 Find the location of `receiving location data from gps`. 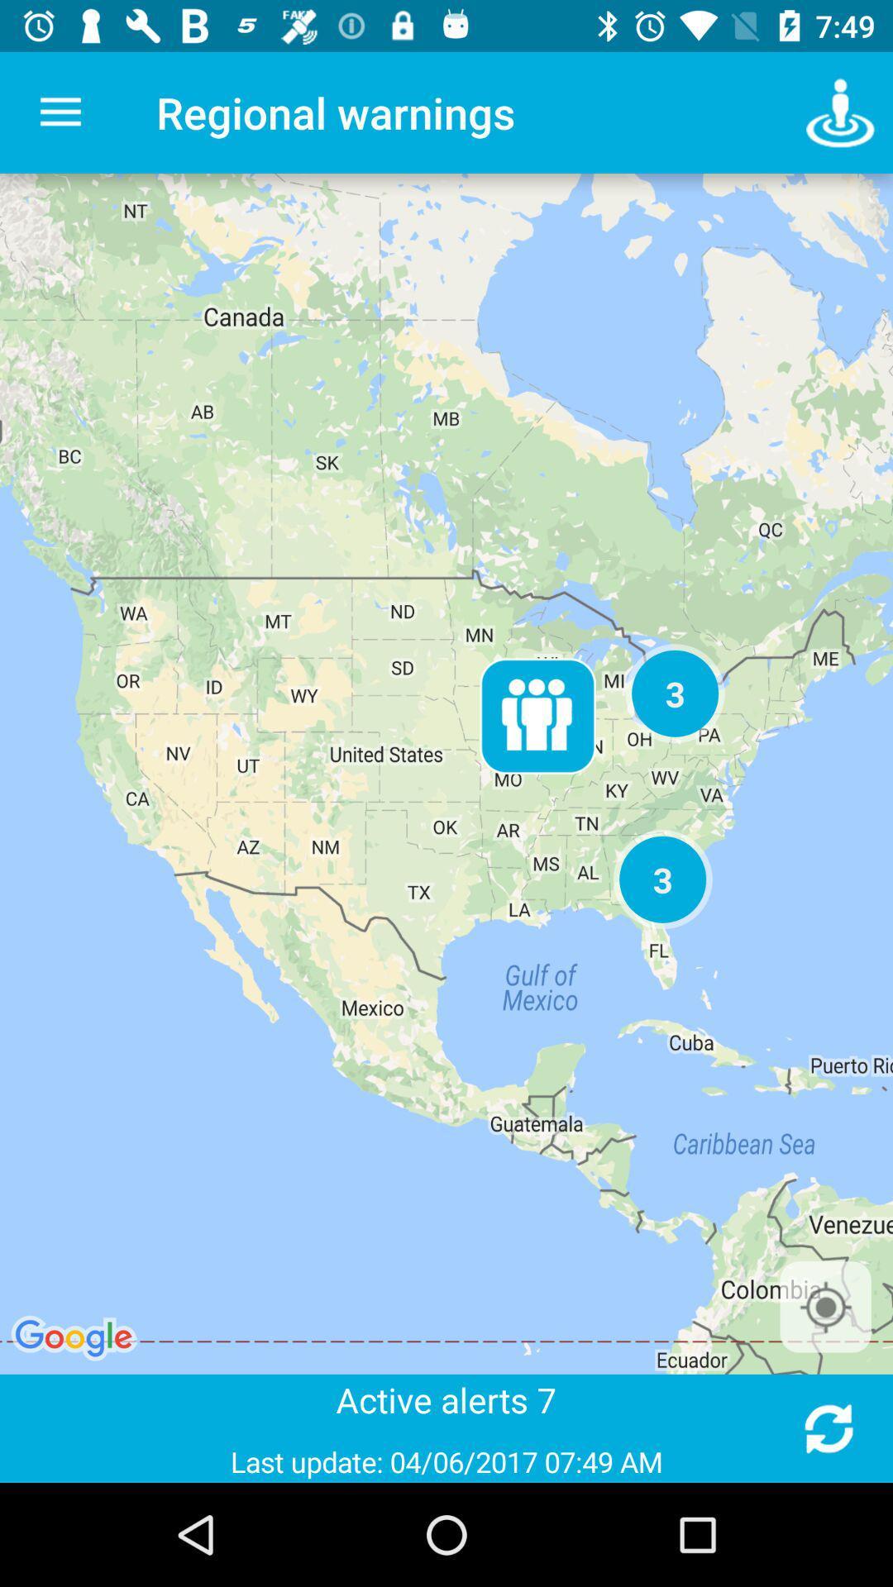

receiving location data from gps is located at coordinates (825, 1306).